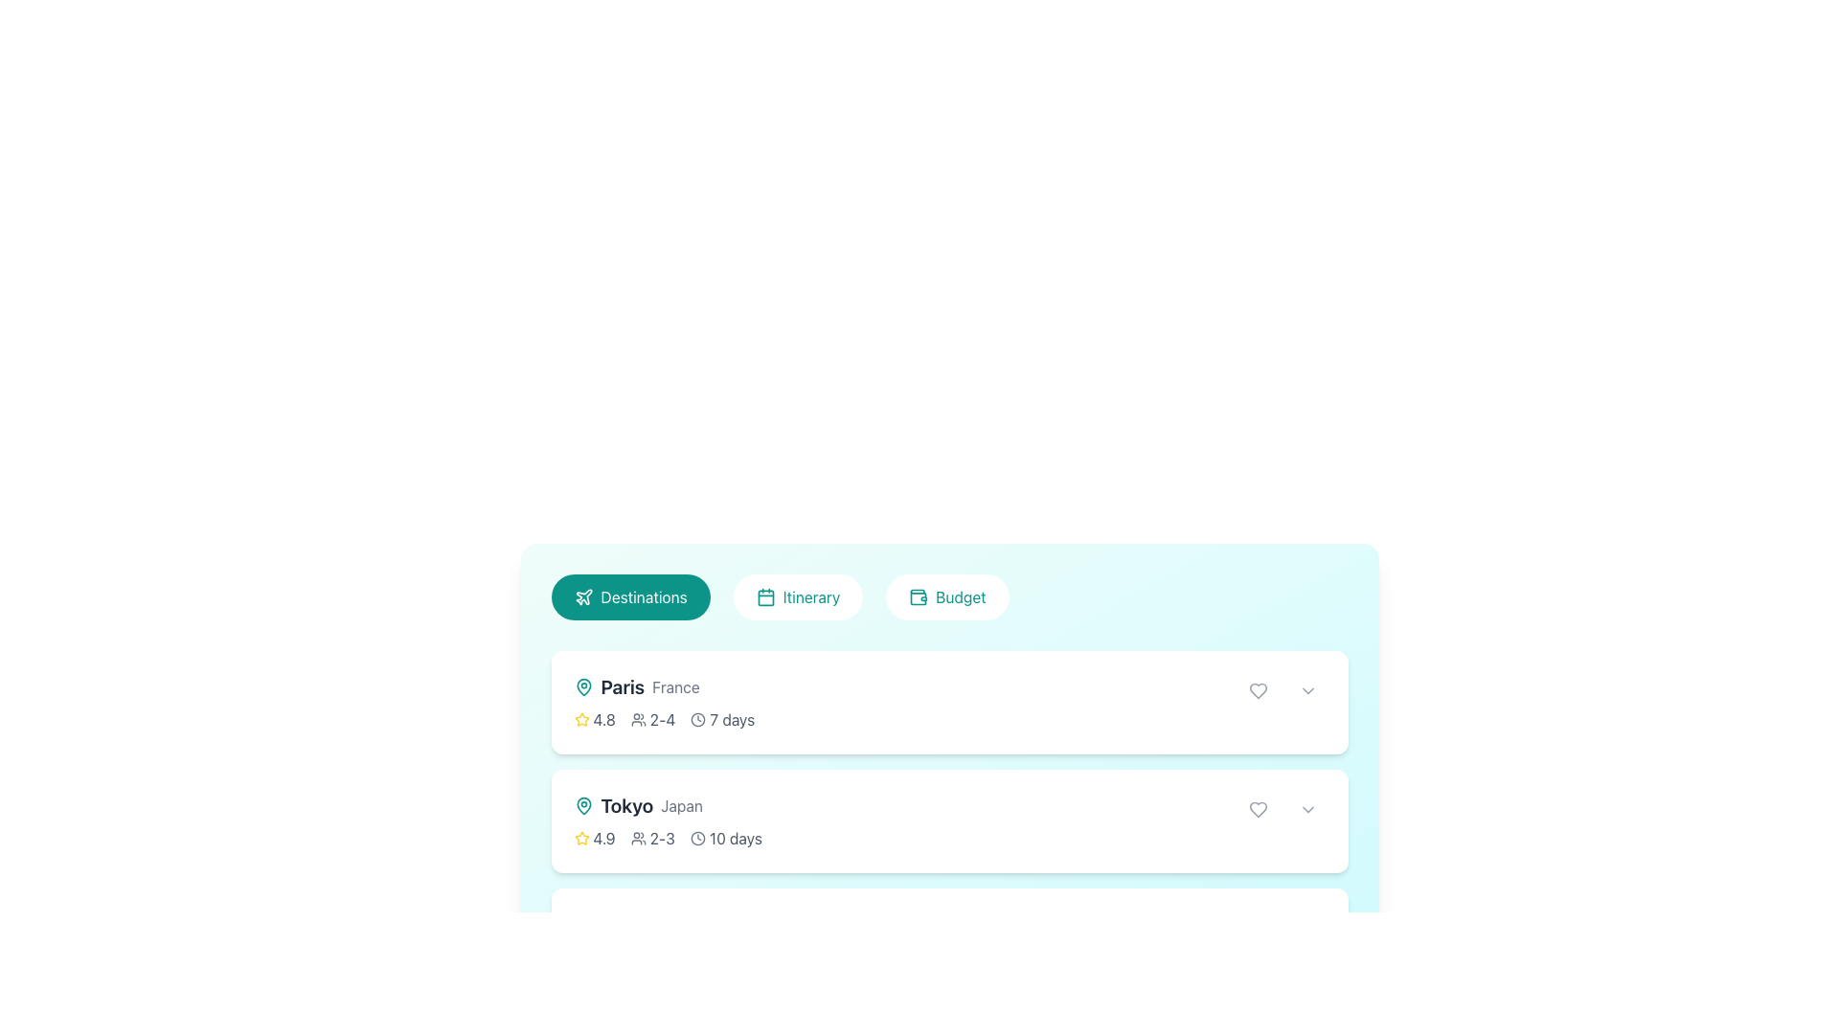  What do you see at coordinates (638, 720) in the screenshot?
I see `the small icon representing a group of people, which is located to the left of the text '2-4' in the first list entry of the 'Destinations' section for 'Paris, France'` at bounding box center [638, 720].